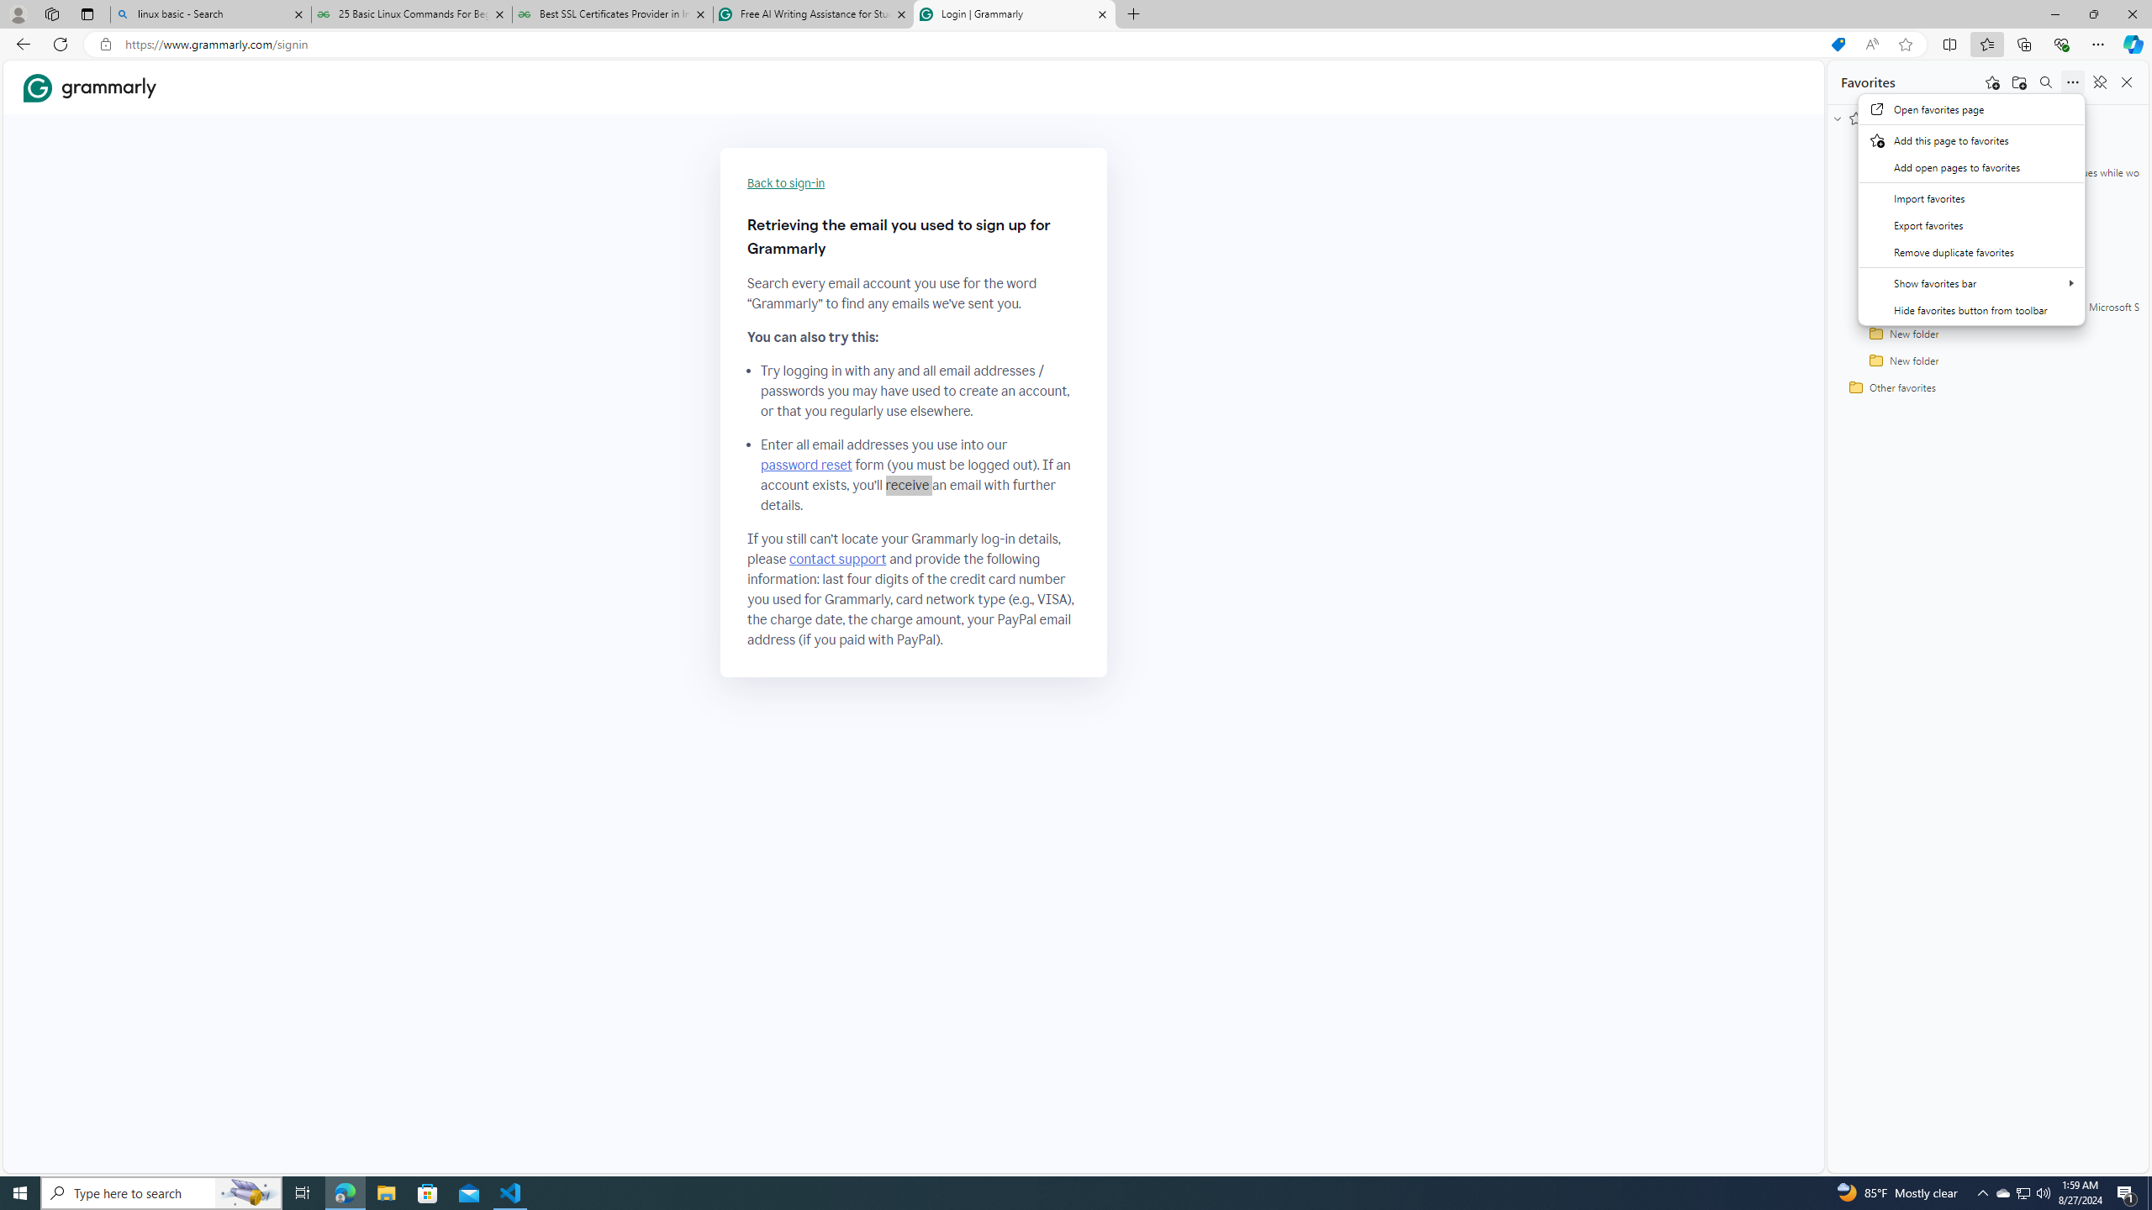 The image size is (2152, 1210). What do you see at coordinates (613, 13) in the screenshot?
I see `'Best SSL Certificates Provider in India - GeeksforGeeks'` at bounding box center [613, 13].